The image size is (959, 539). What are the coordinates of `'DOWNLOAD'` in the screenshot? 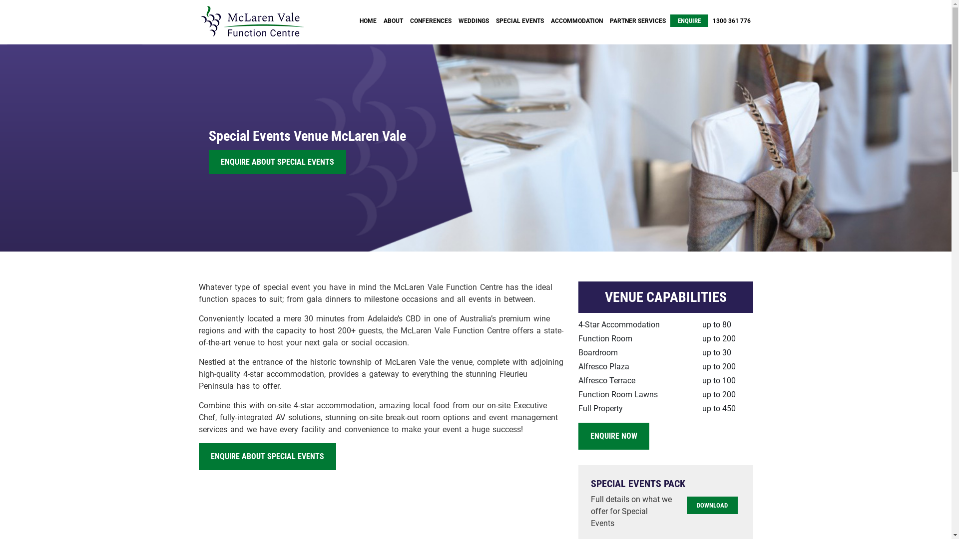 It's located at (711, 505).